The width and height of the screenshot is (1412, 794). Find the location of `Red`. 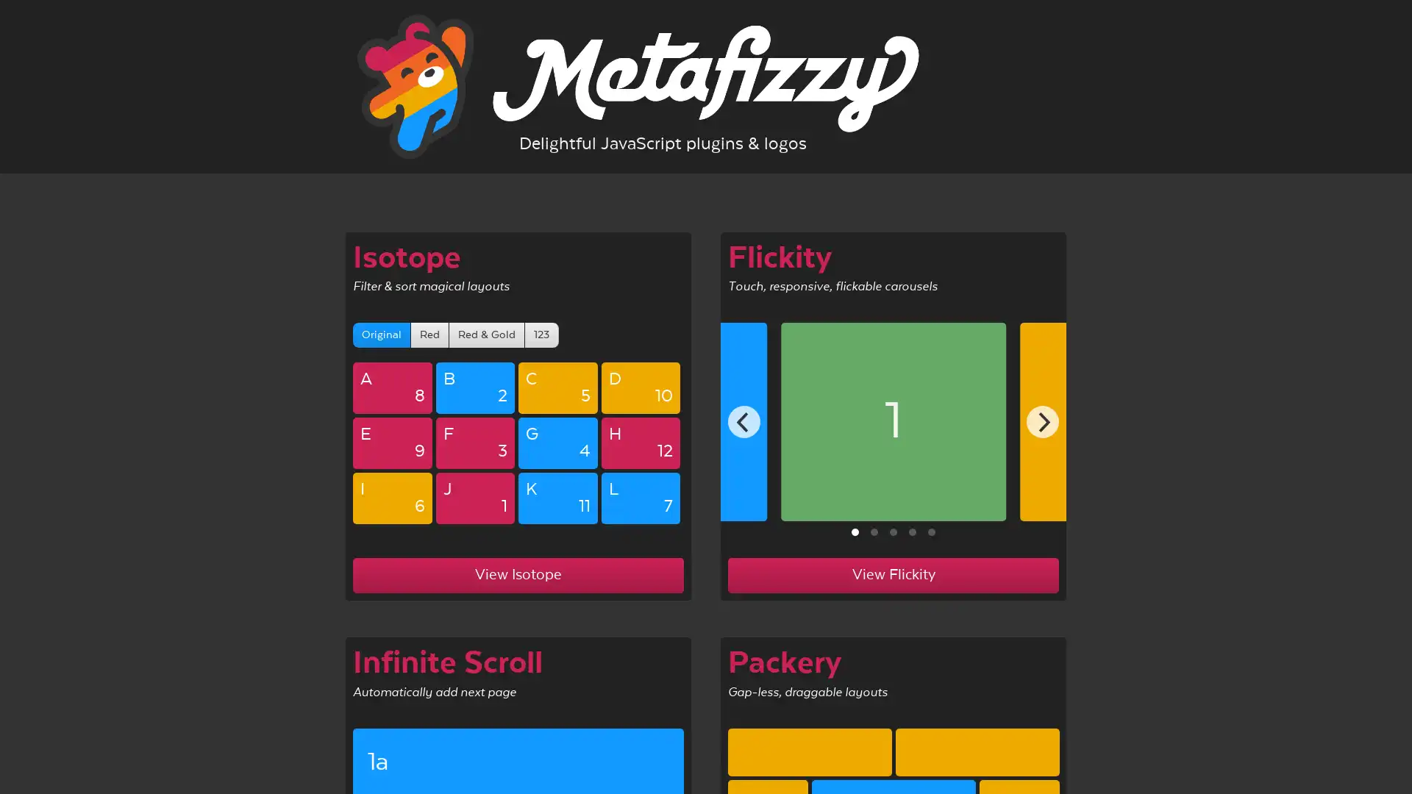

Red is located at coordinates (429, 335).